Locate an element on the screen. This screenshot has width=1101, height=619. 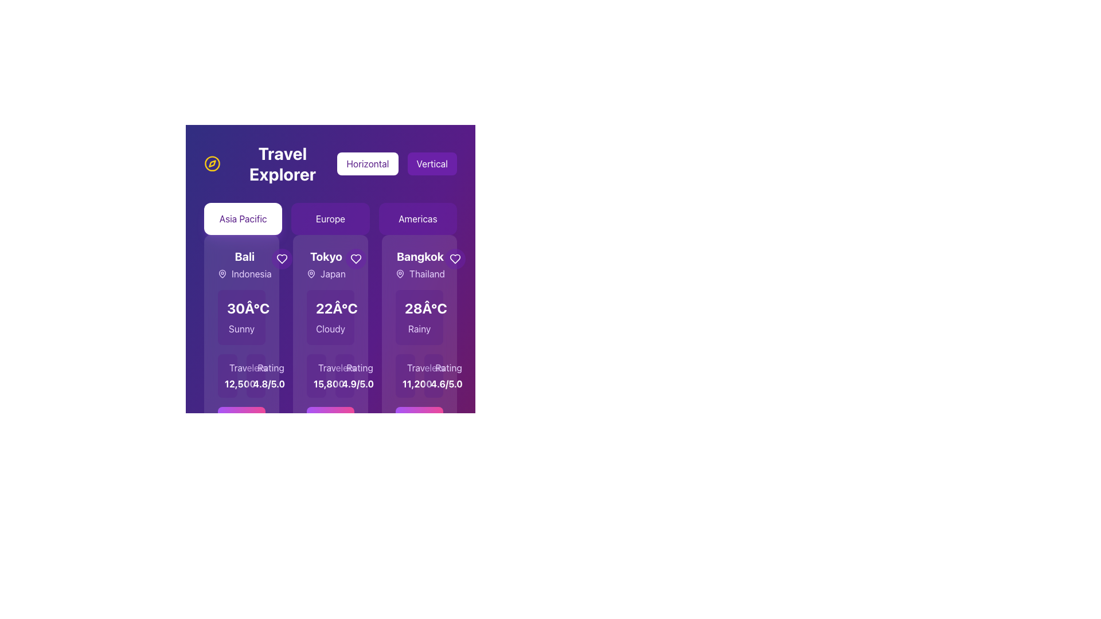
the text element displaying the location name 'Tokyo Japan' in the card layout, which is situated above temperature and weather details is located at coordinates (330, 265).